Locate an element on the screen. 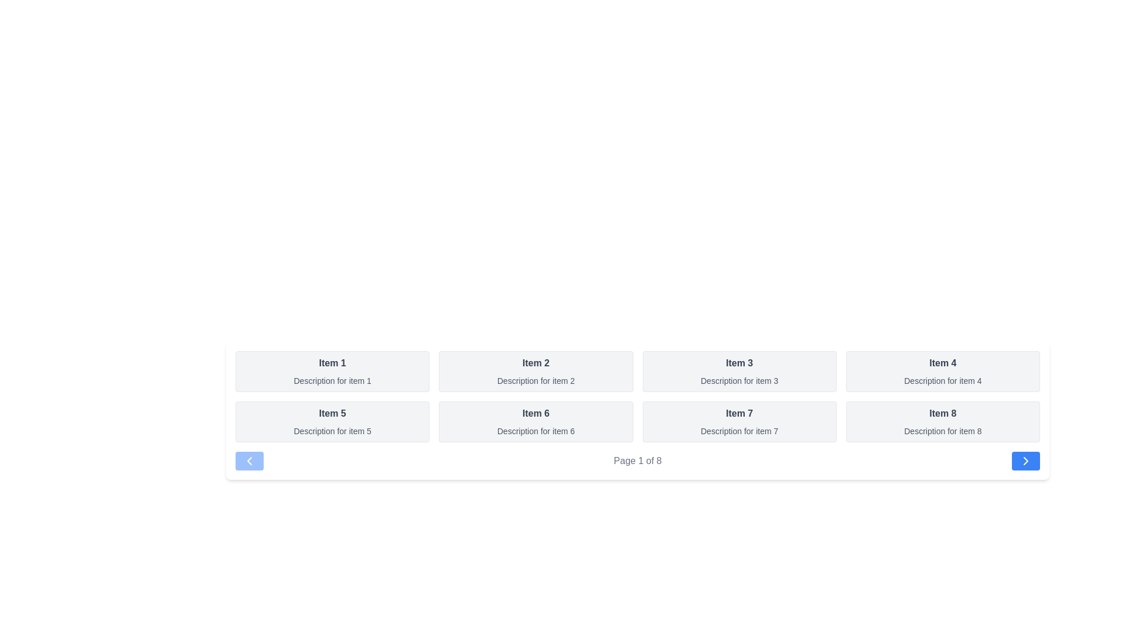 The width and height of the screenshot is (1125, 632). the static text element that serves as the title or label for the card located in the second column of a horizontal grid, above the description text 'Description for item 2' is located at coordinates (535, 363).